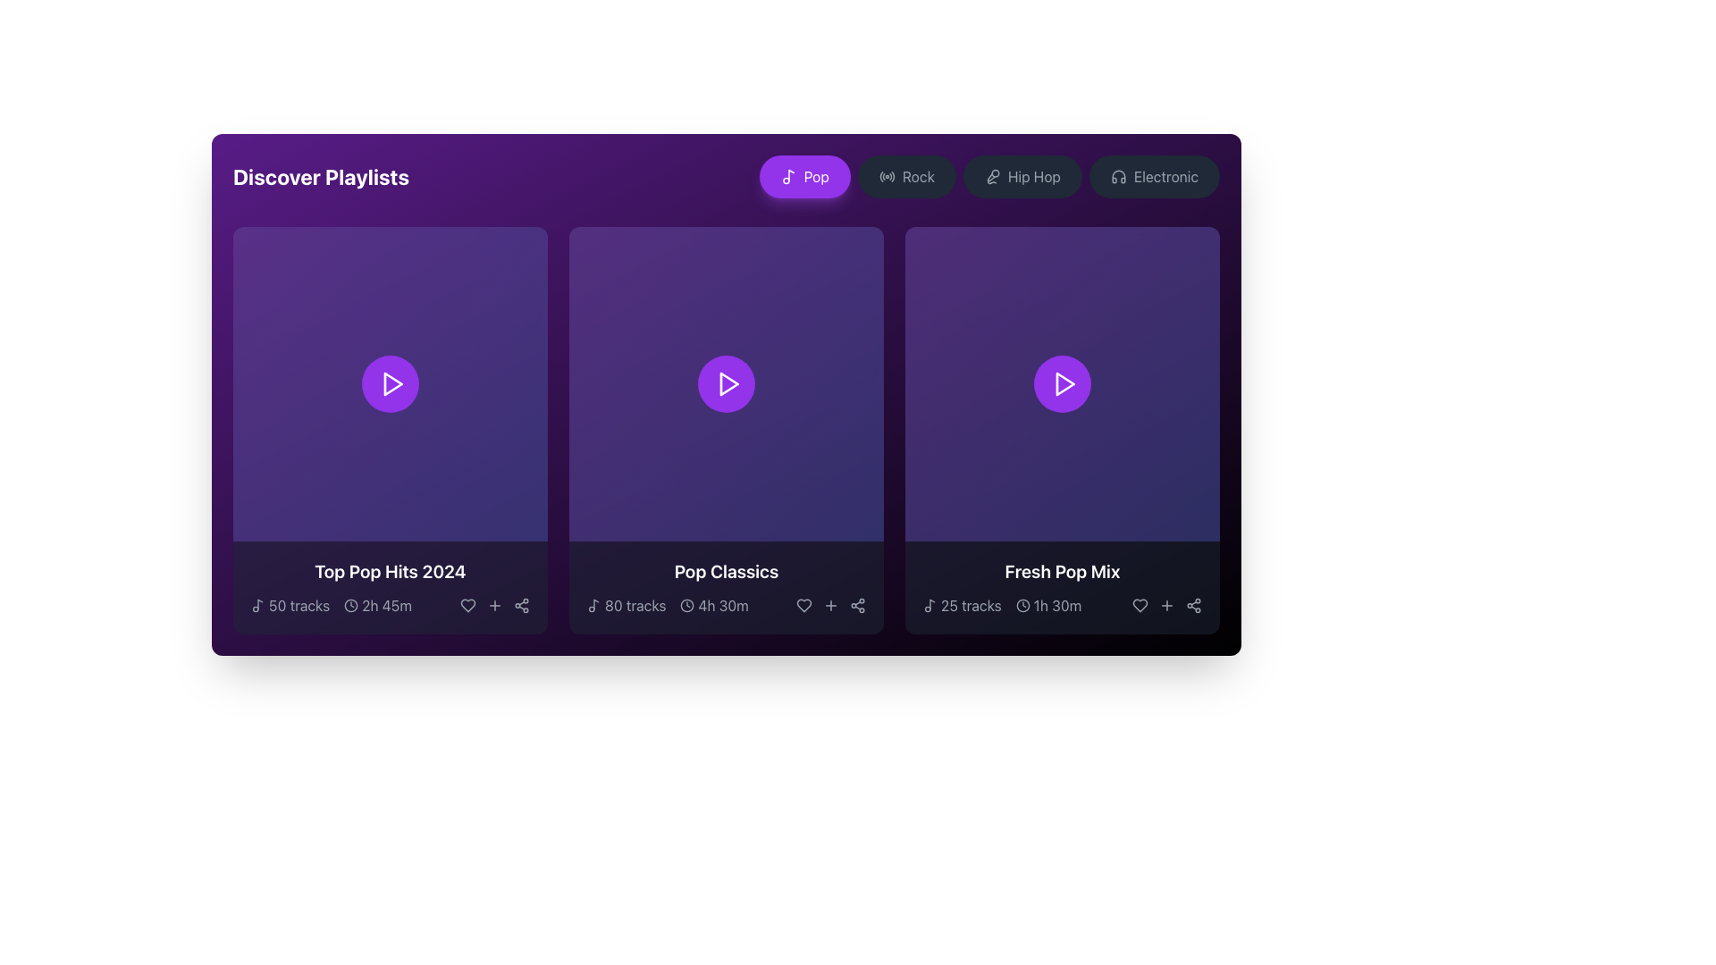  I want to click on the 'like' icon button located to the left of the 'Top Pop Hits 2024' playlist to mark the item as favorite, so click(467, 605).